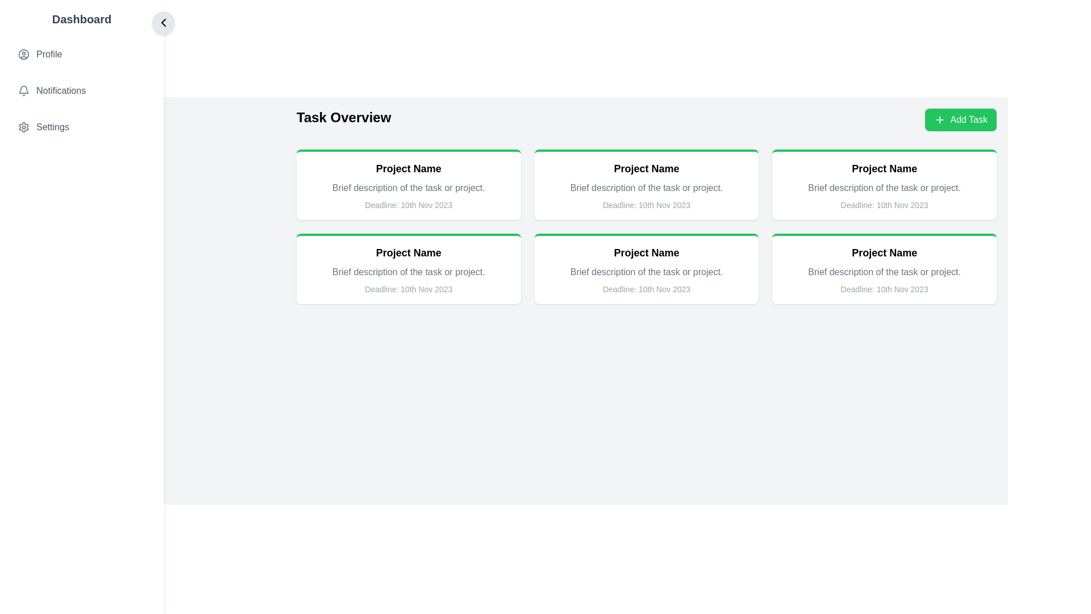  I want to click on the 'Settings' text label, which is styled in a gray font and located in the vertical menu on the left side of the interface, so click(52, 127).